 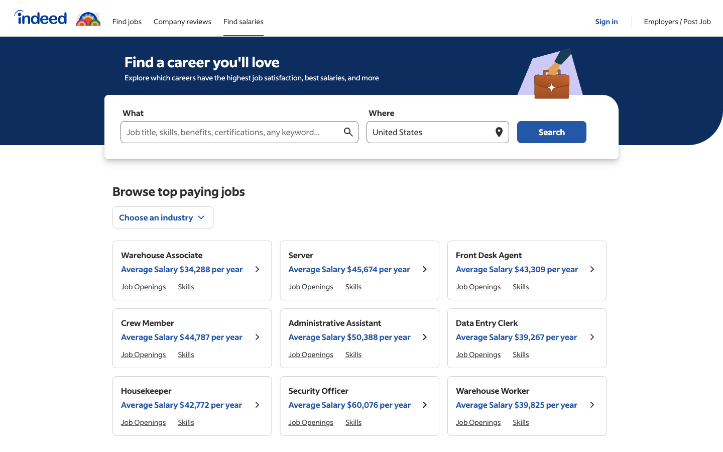 What do you see at coordinates (517, 398) in the screenshot?
I see `Acquire further knowledge on "Warehouse Worker` at bounding box center [517, 398].